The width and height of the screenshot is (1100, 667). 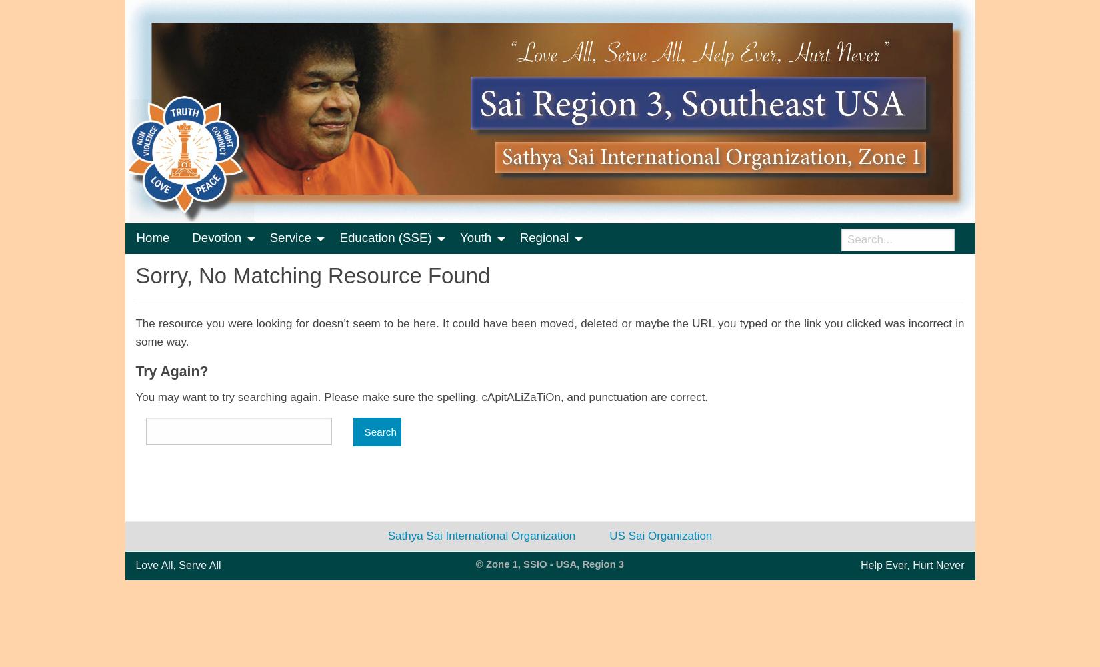 What do you see at coordinates (549, 332) in the screenshot?
I see `'The resource you were looking for doesn’t seem to be here. It could have been moved, deleted or maybe the URL you typed or the link you clicked was incorrect in some way.'` at bounding box center [549, 332].